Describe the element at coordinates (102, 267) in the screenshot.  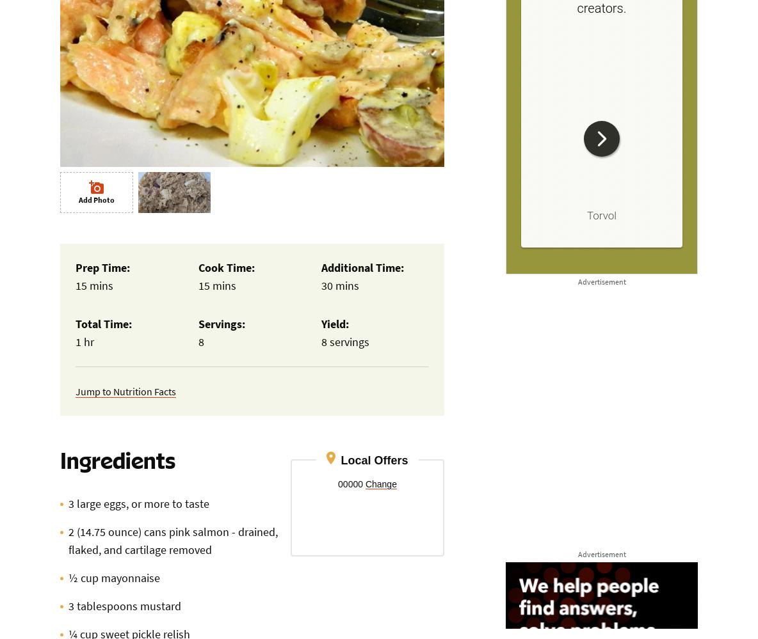
I see `'Prep Time:'` at that location.